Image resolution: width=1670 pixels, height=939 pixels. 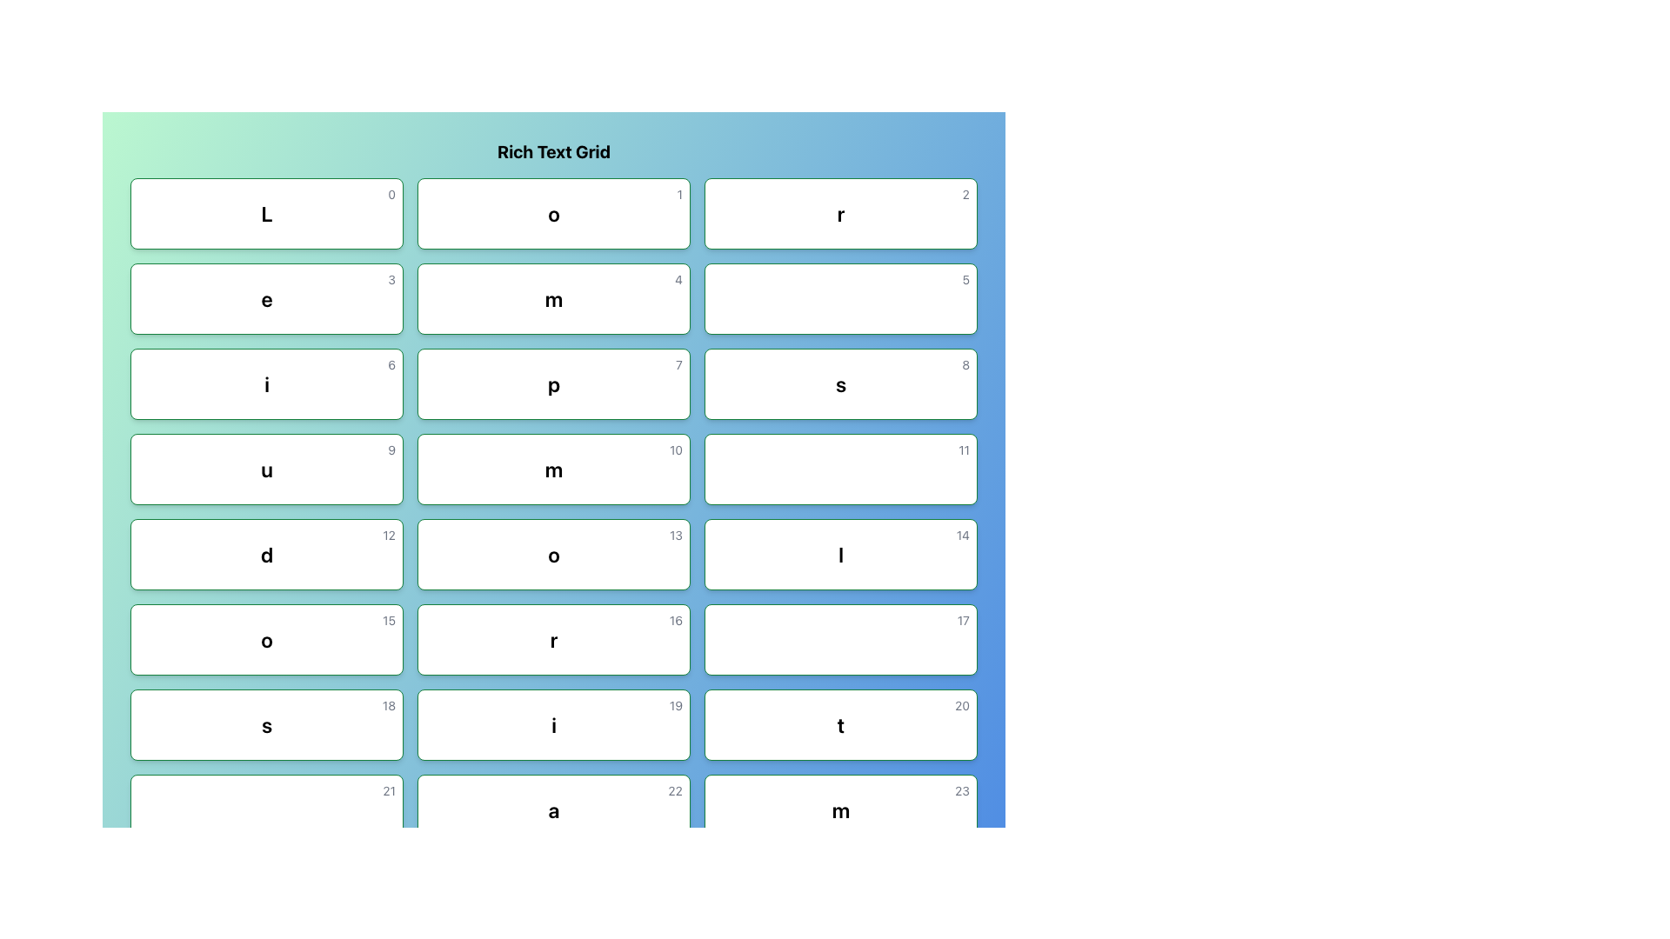 What do you see at coordinates (266, 297) in the screenshot?
I see `the bold letter 'e' displayed in the third cell of the grid, located in the second row, which is part of a white rectangle with a green border and rounded edges` at bounding box center [266, 297].